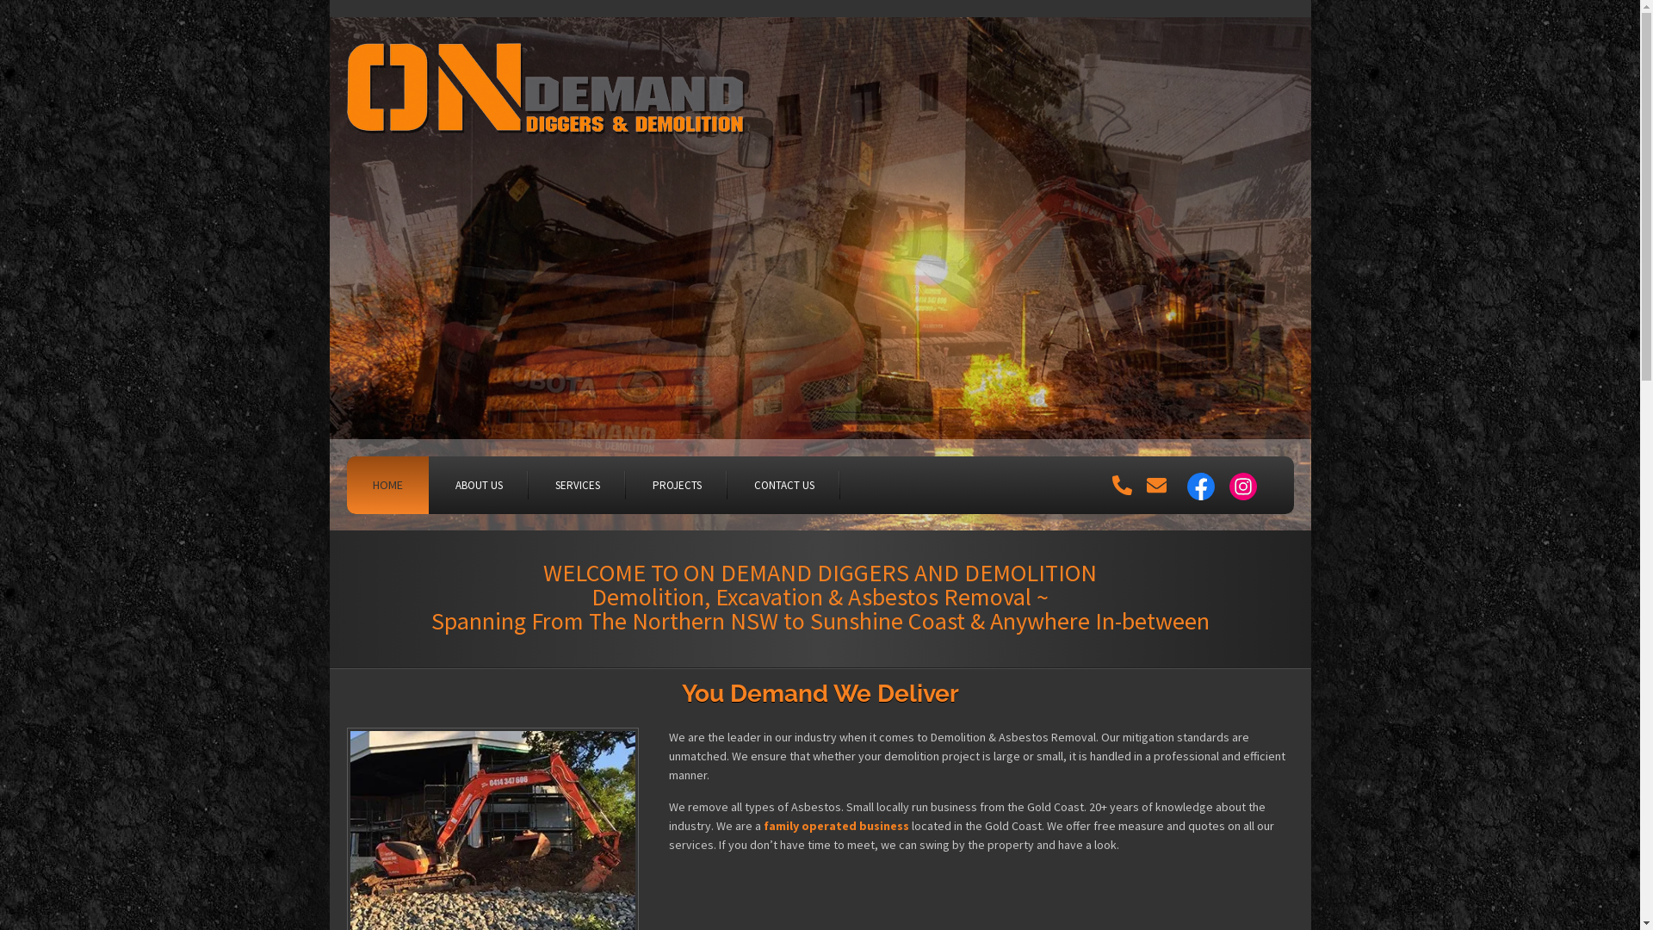 The height and width of the screenshot is (930, 1653). I want to click on 'PROJECTS', so click(676, 485).